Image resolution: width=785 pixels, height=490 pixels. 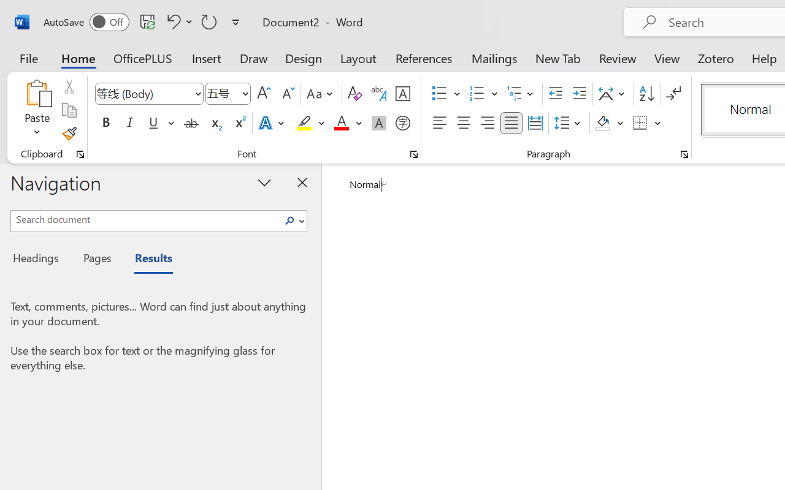 I want to click on 'Undo Apply Quick Style', so click(x=171, y=21).